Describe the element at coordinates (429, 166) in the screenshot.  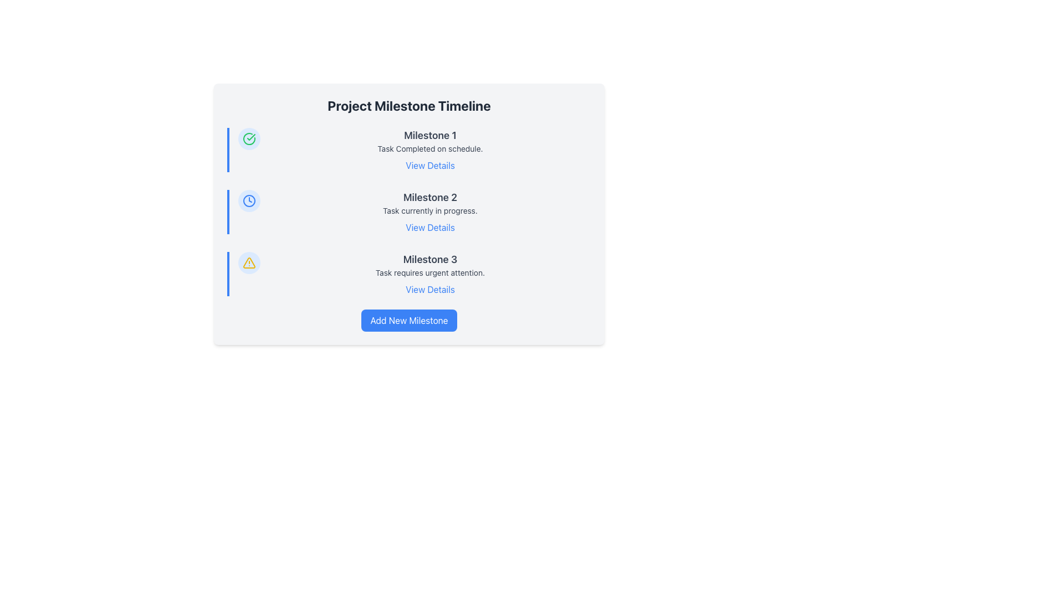
I see `the 'View Details' text link, which is styled with blue text and an underline, located beneath the phrase 'Task Completed on schedule.' in the 'Milestone 1' section` at that location.